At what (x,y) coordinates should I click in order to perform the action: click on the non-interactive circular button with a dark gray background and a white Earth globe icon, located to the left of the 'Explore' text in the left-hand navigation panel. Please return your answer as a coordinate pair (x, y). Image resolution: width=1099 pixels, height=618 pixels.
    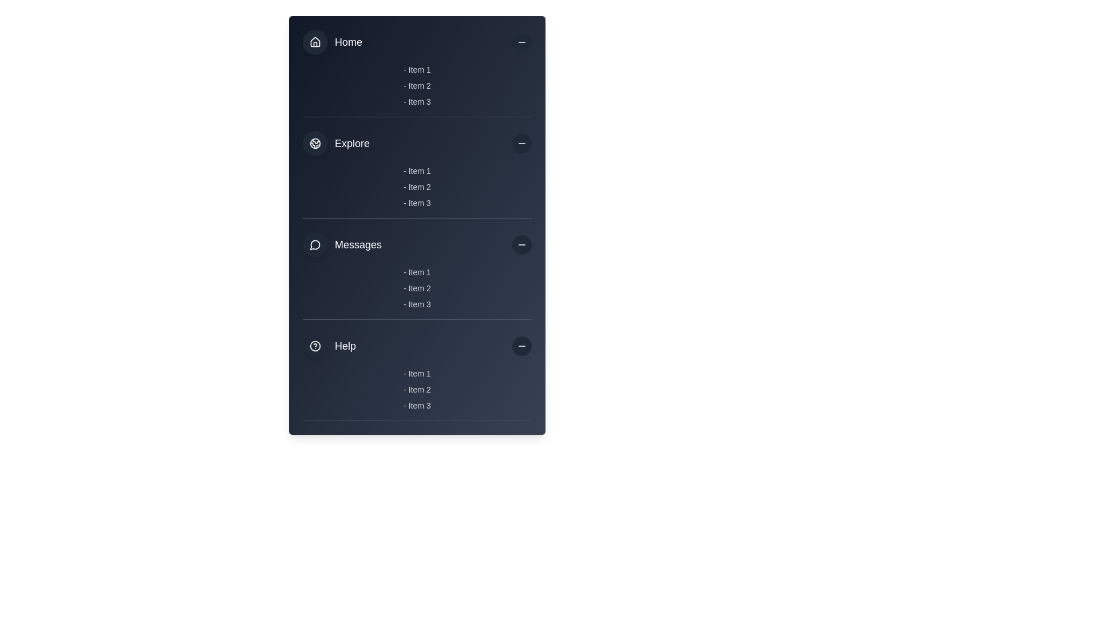
    Looking at the image, I should click on (315, 142).